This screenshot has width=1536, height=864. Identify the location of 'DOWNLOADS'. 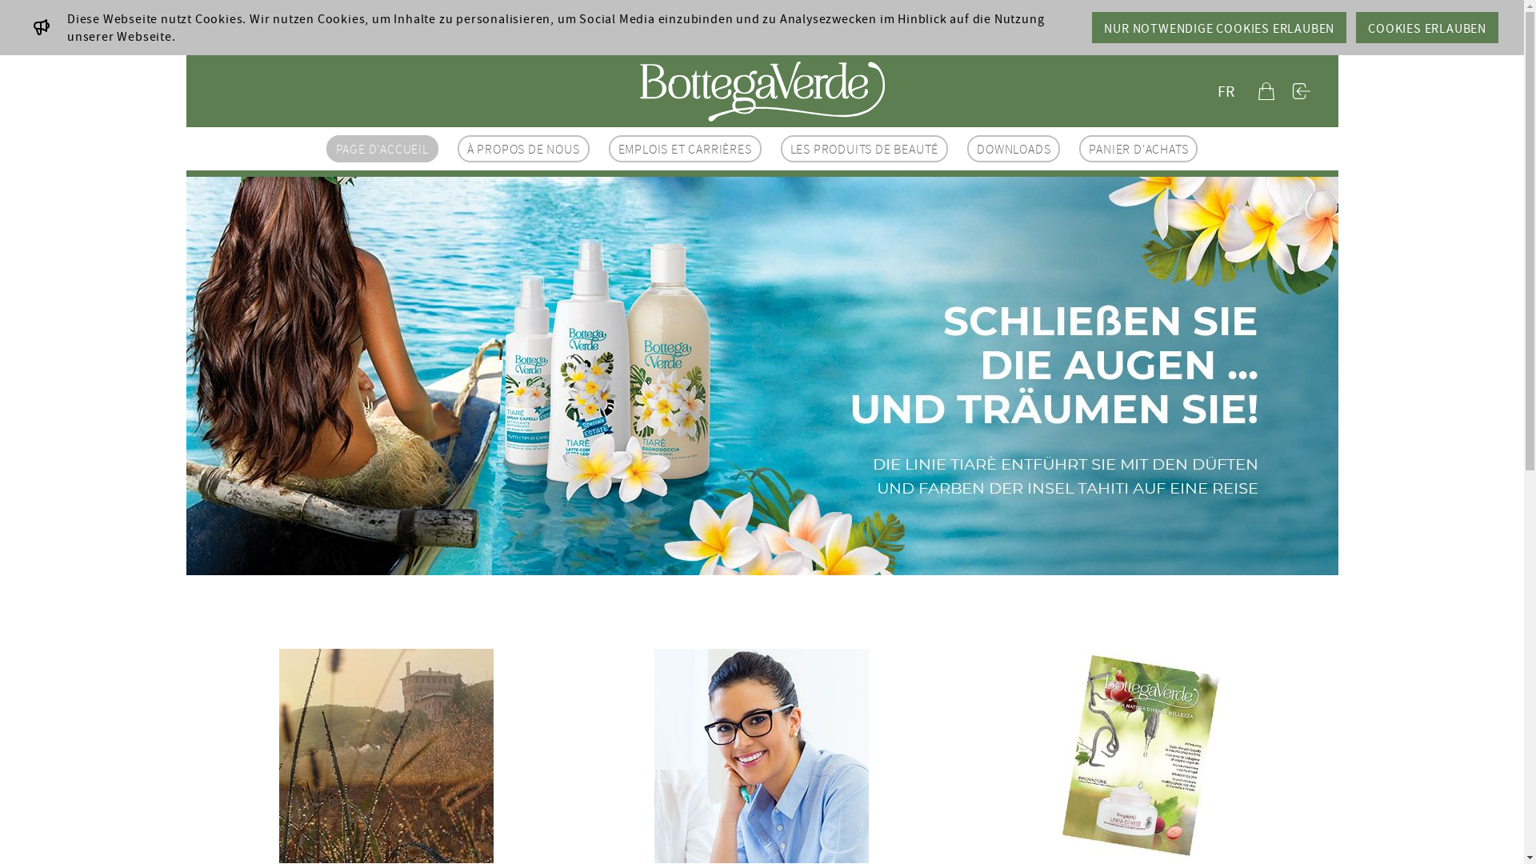
(1013, 148).